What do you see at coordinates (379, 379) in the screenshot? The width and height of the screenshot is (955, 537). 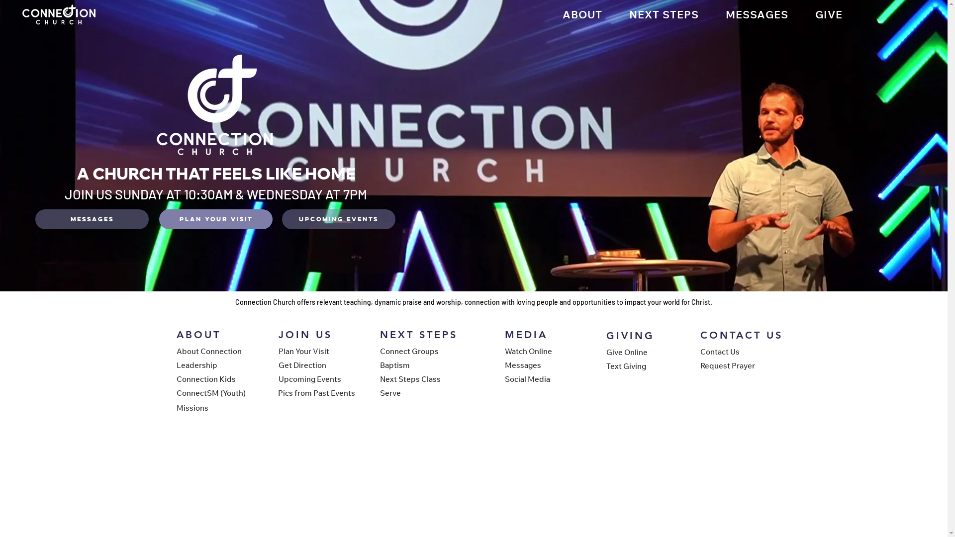 I see `'Next Steps Class'` at bounding box center [379, 379].